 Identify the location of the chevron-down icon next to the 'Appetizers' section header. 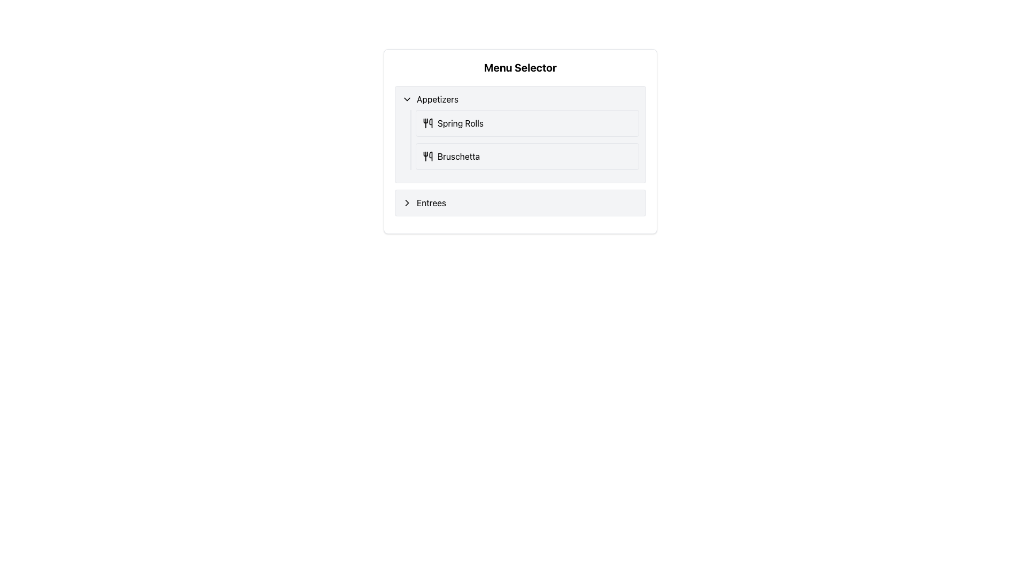
(407, 99).